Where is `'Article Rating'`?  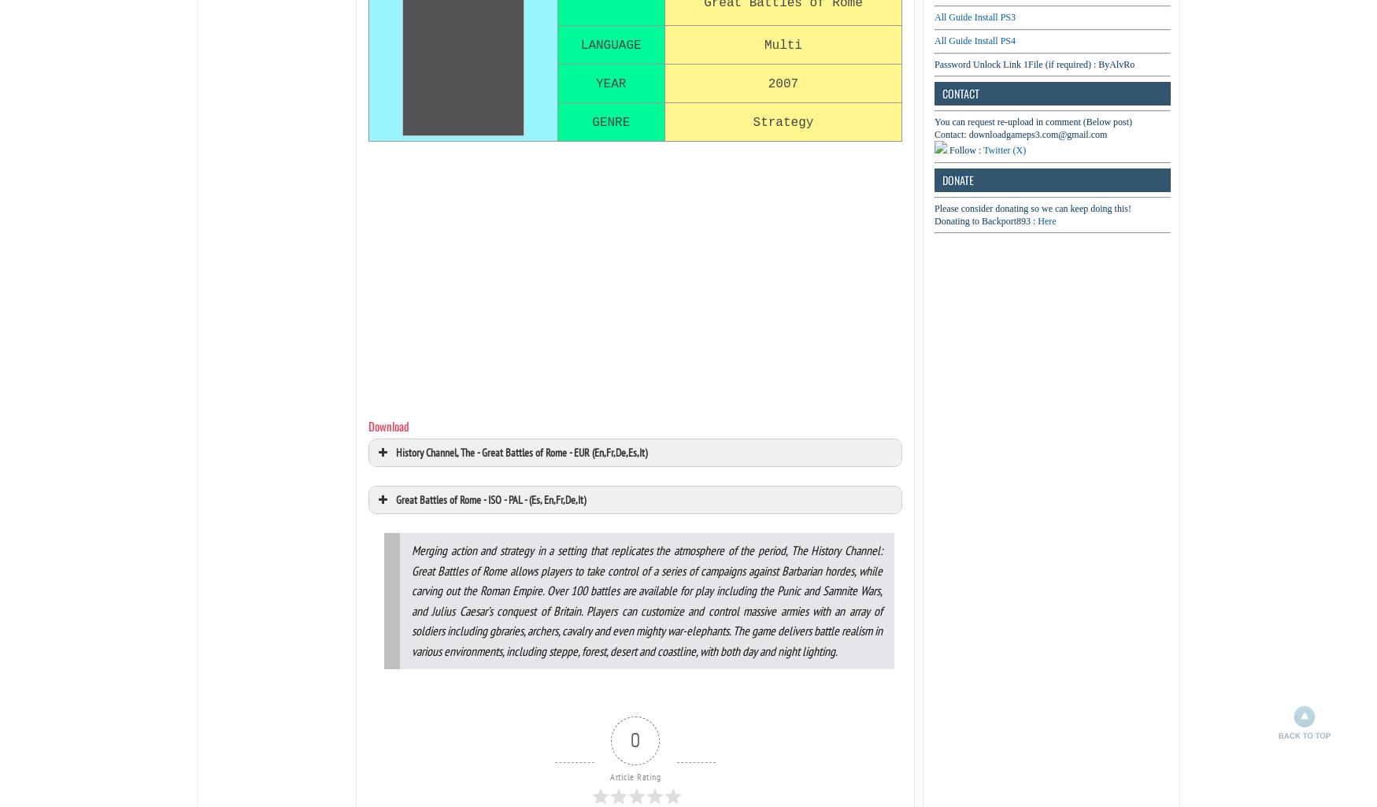 'Article Rating' is located at coordinates (635, 776).